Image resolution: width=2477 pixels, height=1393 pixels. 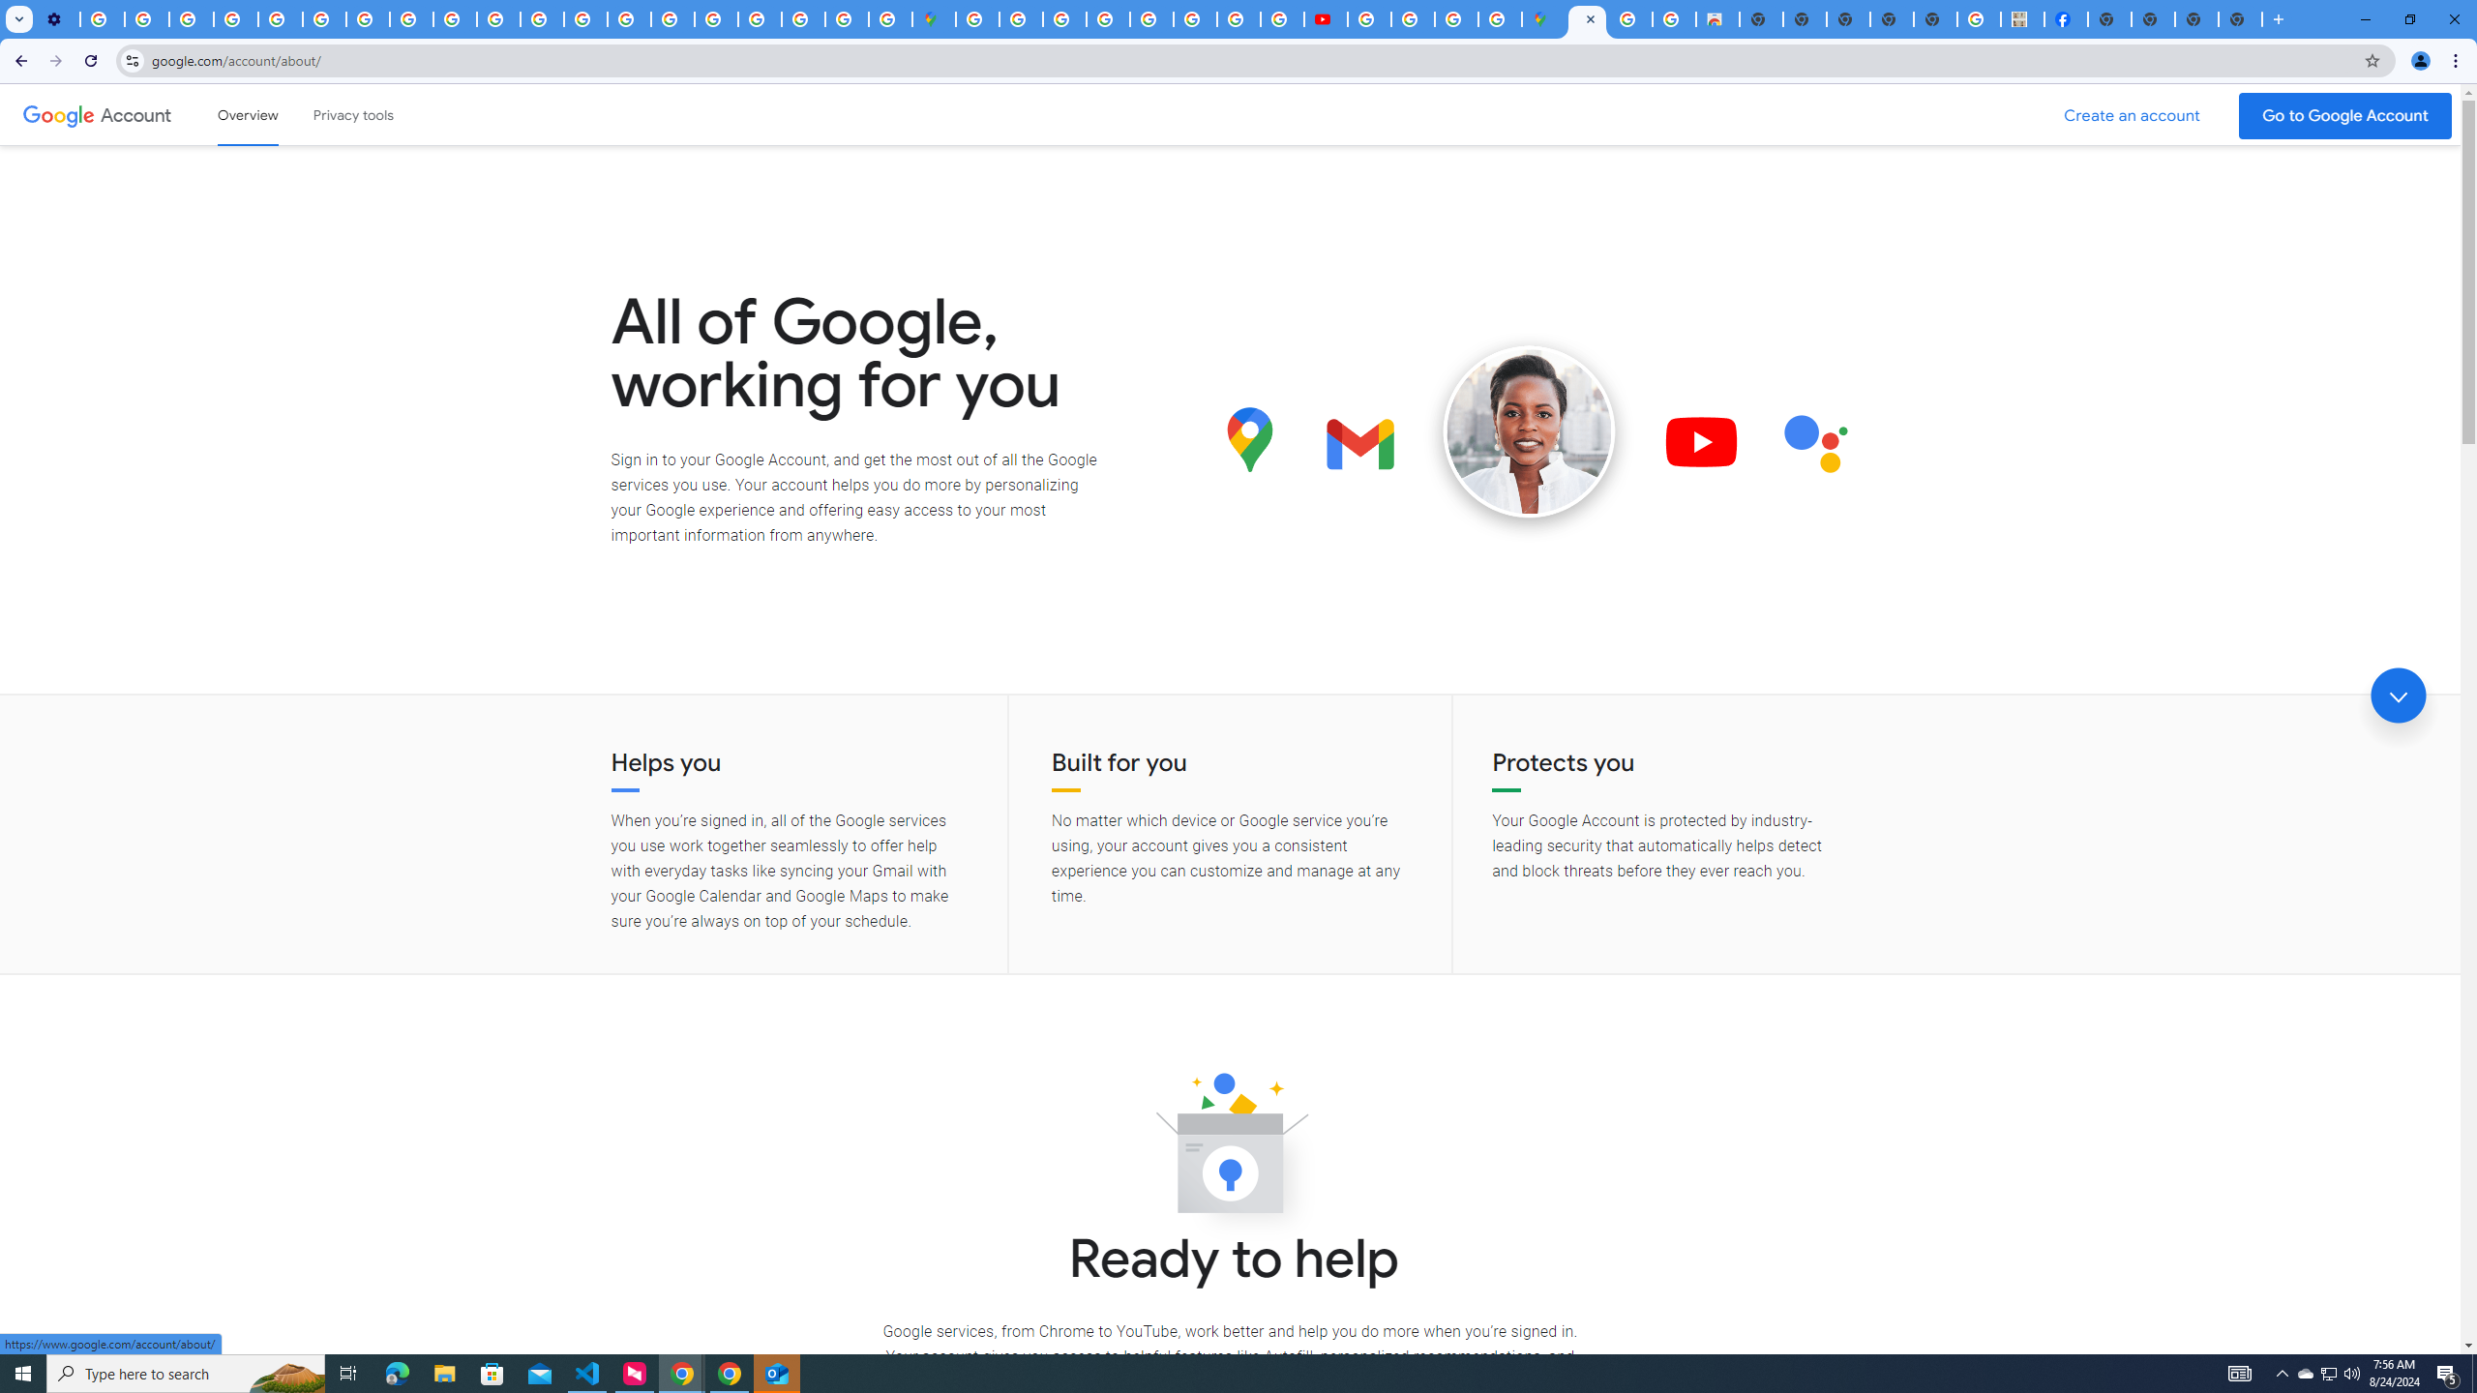 I want to click on 'Address and search bar', so click(x=1251, y=59).